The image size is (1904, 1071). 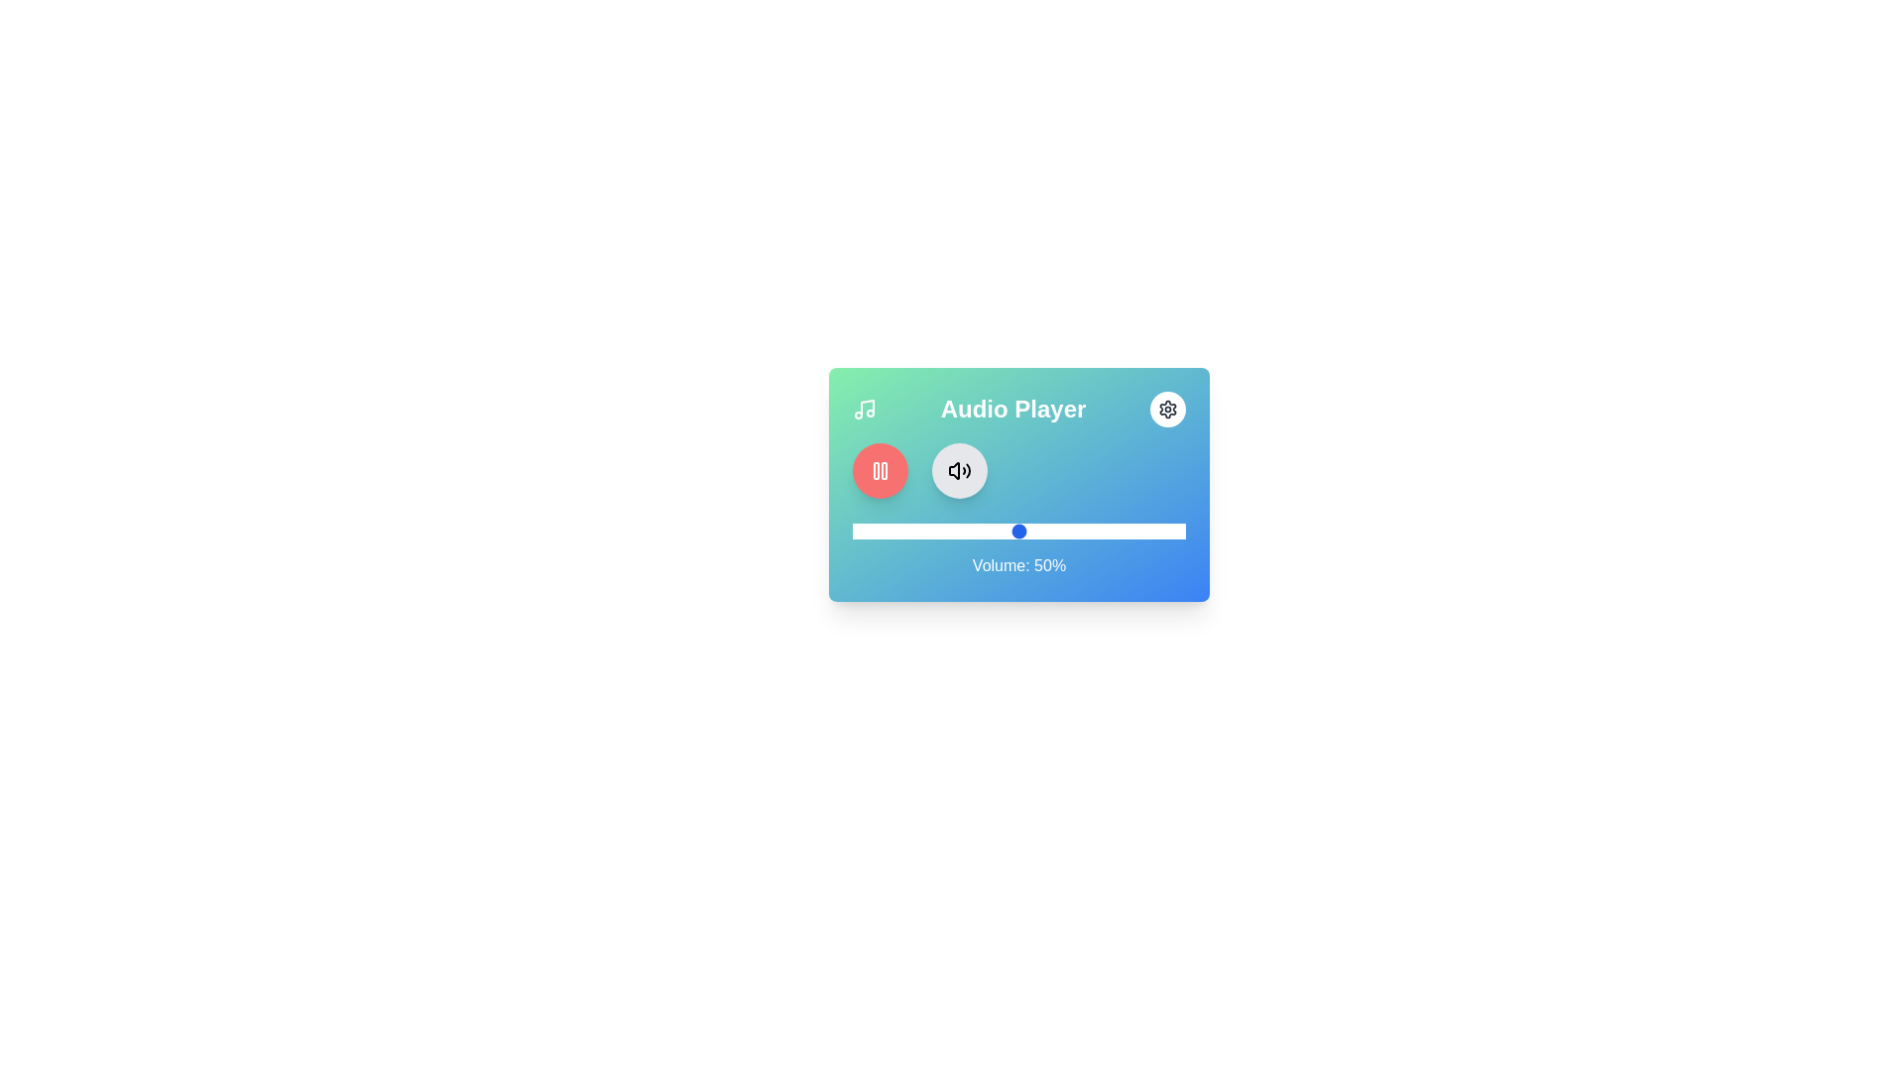 I want to click on volume, so click(x=882, y=531).